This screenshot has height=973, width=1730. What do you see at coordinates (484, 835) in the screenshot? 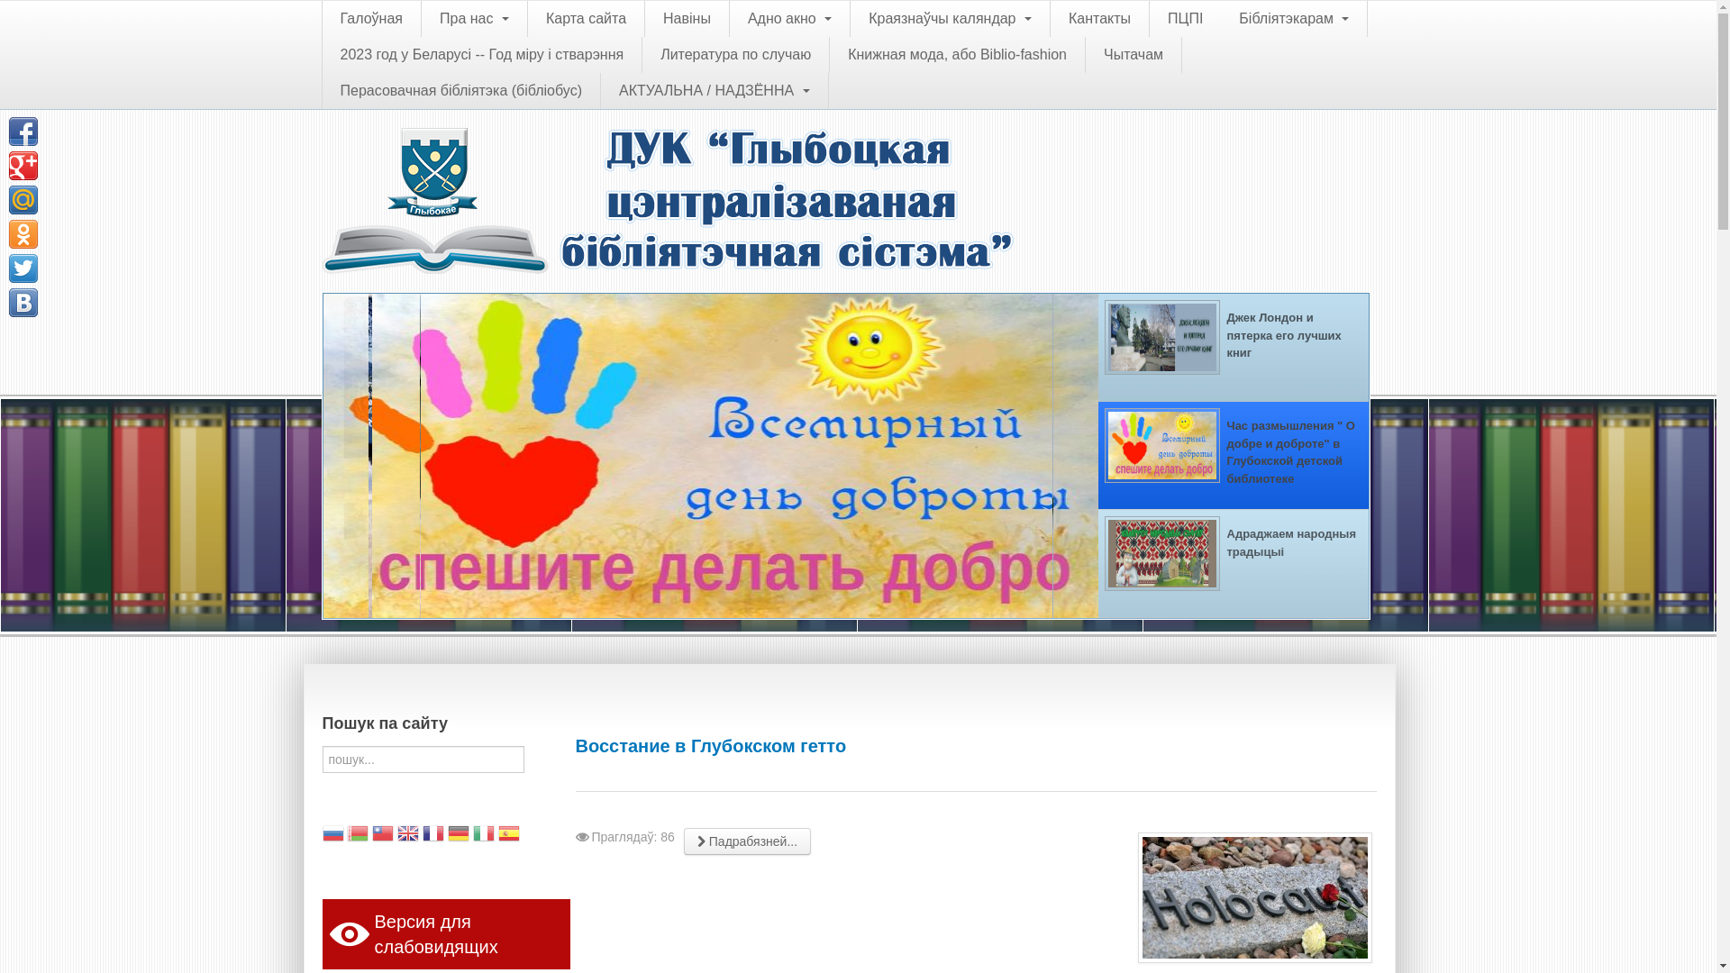
I see `'Italian'` at bounding box center [484, 835].